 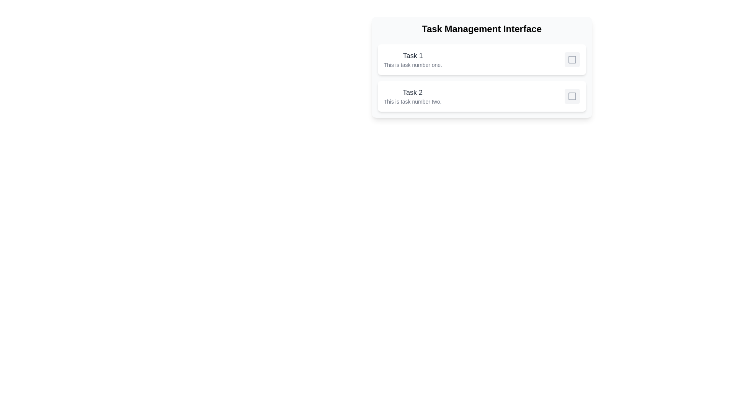 I want to click on the small square icon with rounded corners located in the lower section of 'Task 2', aligned to the right side, so click(x=572, y=96).